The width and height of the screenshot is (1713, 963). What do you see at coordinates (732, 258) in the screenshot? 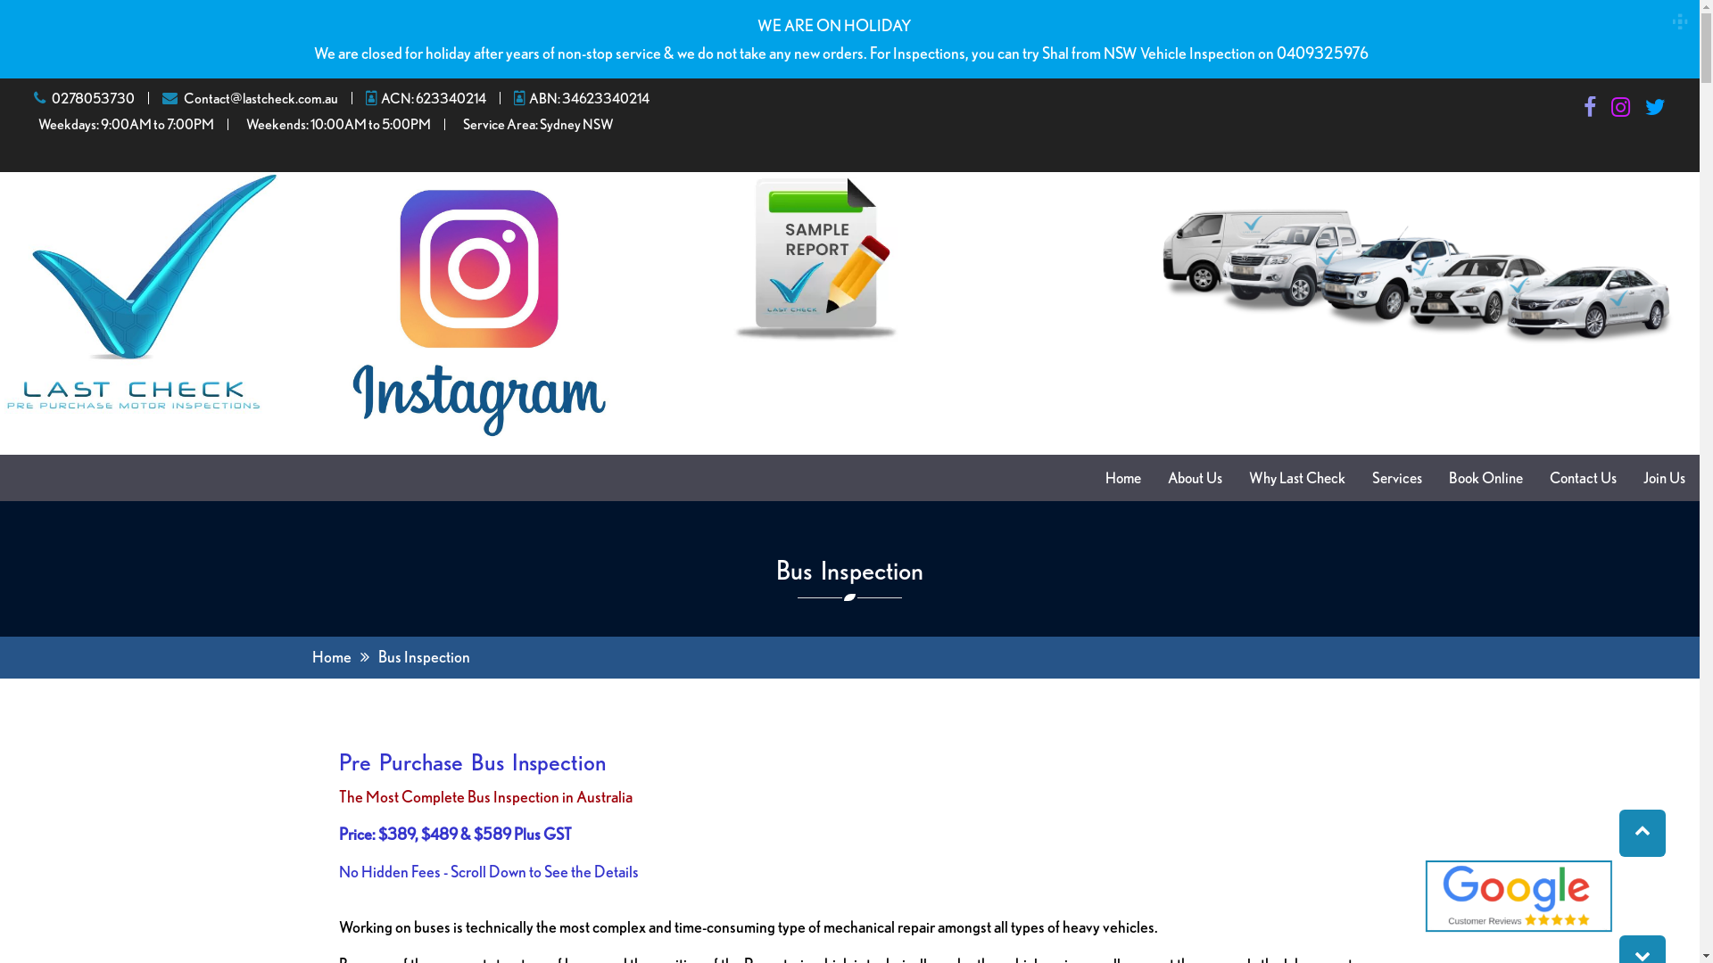
I see `'last-check-sample-vehicle-inspection-report-icon'` at bounding box center [732, 258].